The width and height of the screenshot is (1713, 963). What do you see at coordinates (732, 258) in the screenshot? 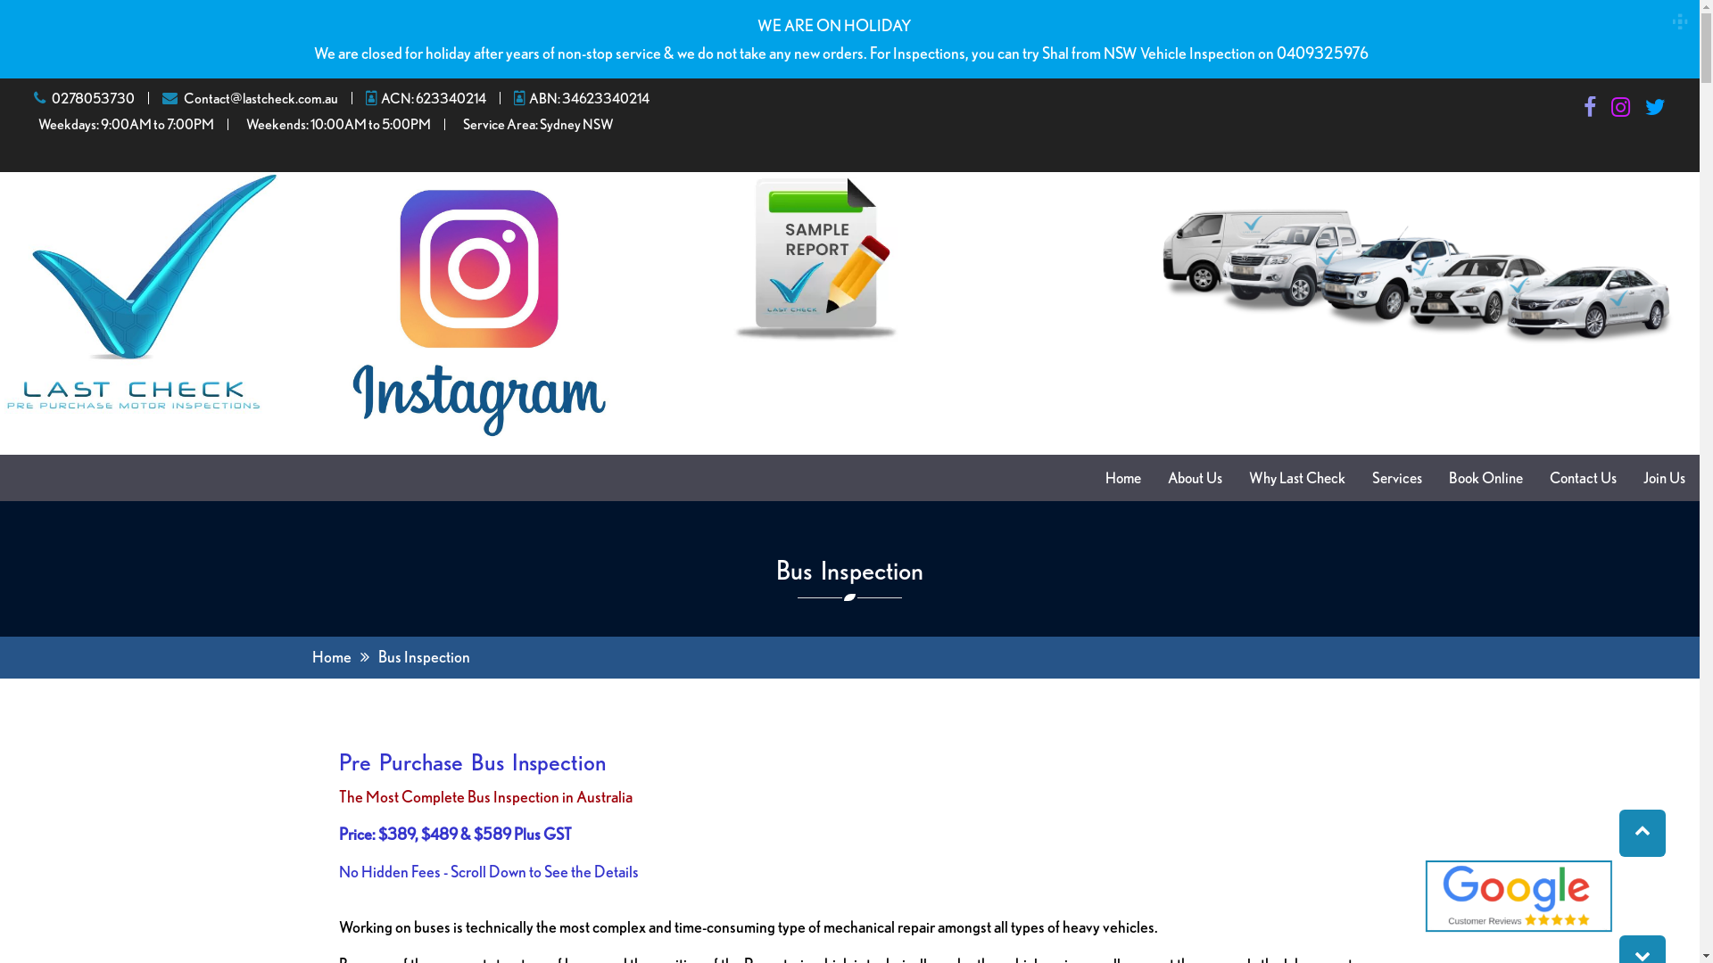
I see `'last-check-sample-vehicle-inspection-report-icon'` at bounding box center [732, 258].